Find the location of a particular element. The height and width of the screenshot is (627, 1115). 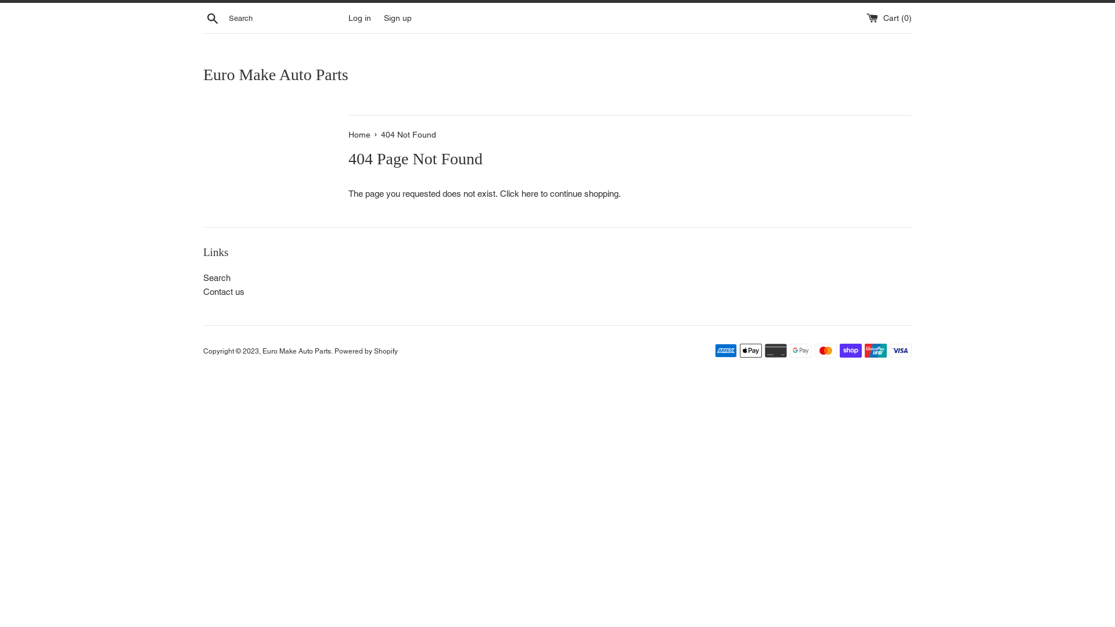

'Sign up' is located at coordinates (398, 17).